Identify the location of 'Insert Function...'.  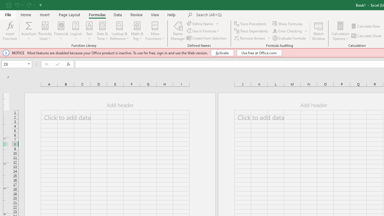
(10, 31).